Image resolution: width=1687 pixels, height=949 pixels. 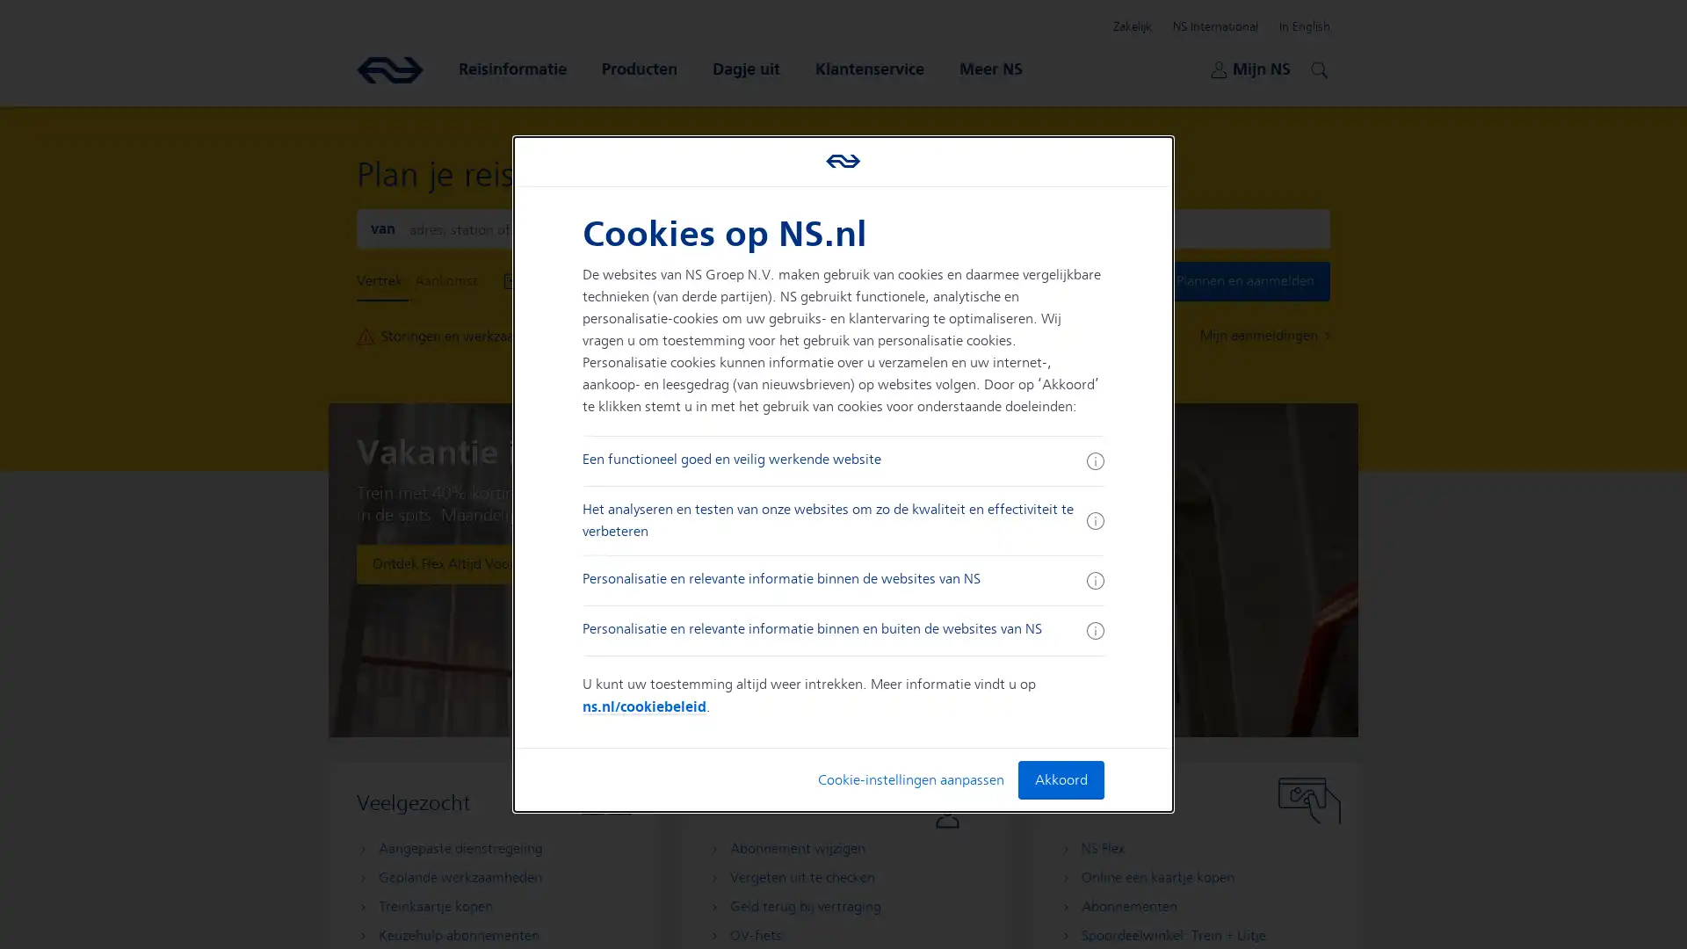 What do you see at coordinates (991, 68) in the screenshot?
I see `Meer NS Open submenu` at bounding box center [991, 68].